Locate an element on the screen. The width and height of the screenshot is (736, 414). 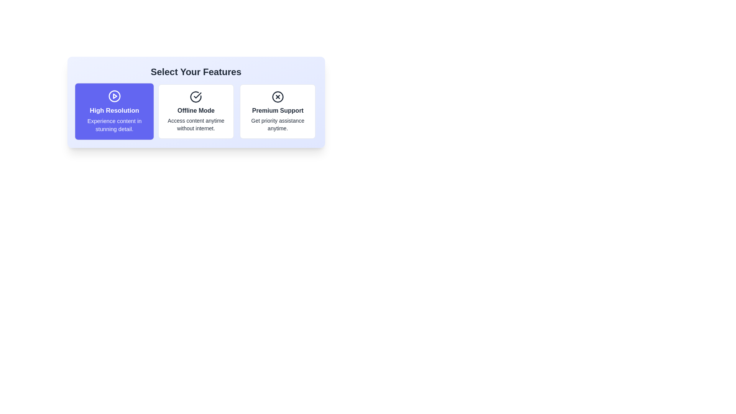
the non-interactive description text located below the title 'High Resolution' within the purple background box is located at coordinates (114, 125).